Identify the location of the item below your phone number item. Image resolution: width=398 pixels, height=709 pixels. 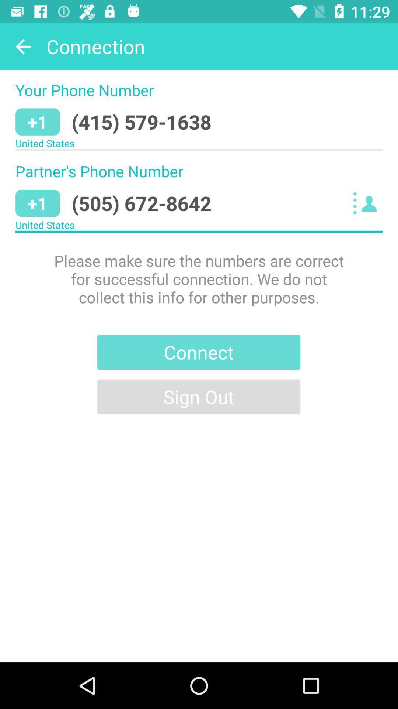
(142, 122).